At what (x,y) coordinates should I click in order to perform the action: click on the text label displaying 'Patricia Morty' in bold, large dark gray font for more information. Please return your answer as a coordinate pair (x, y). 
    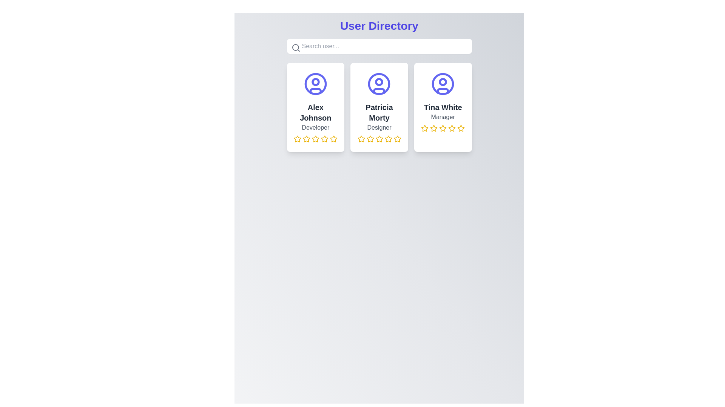
    Looking at the image, I should click on (379, 113).